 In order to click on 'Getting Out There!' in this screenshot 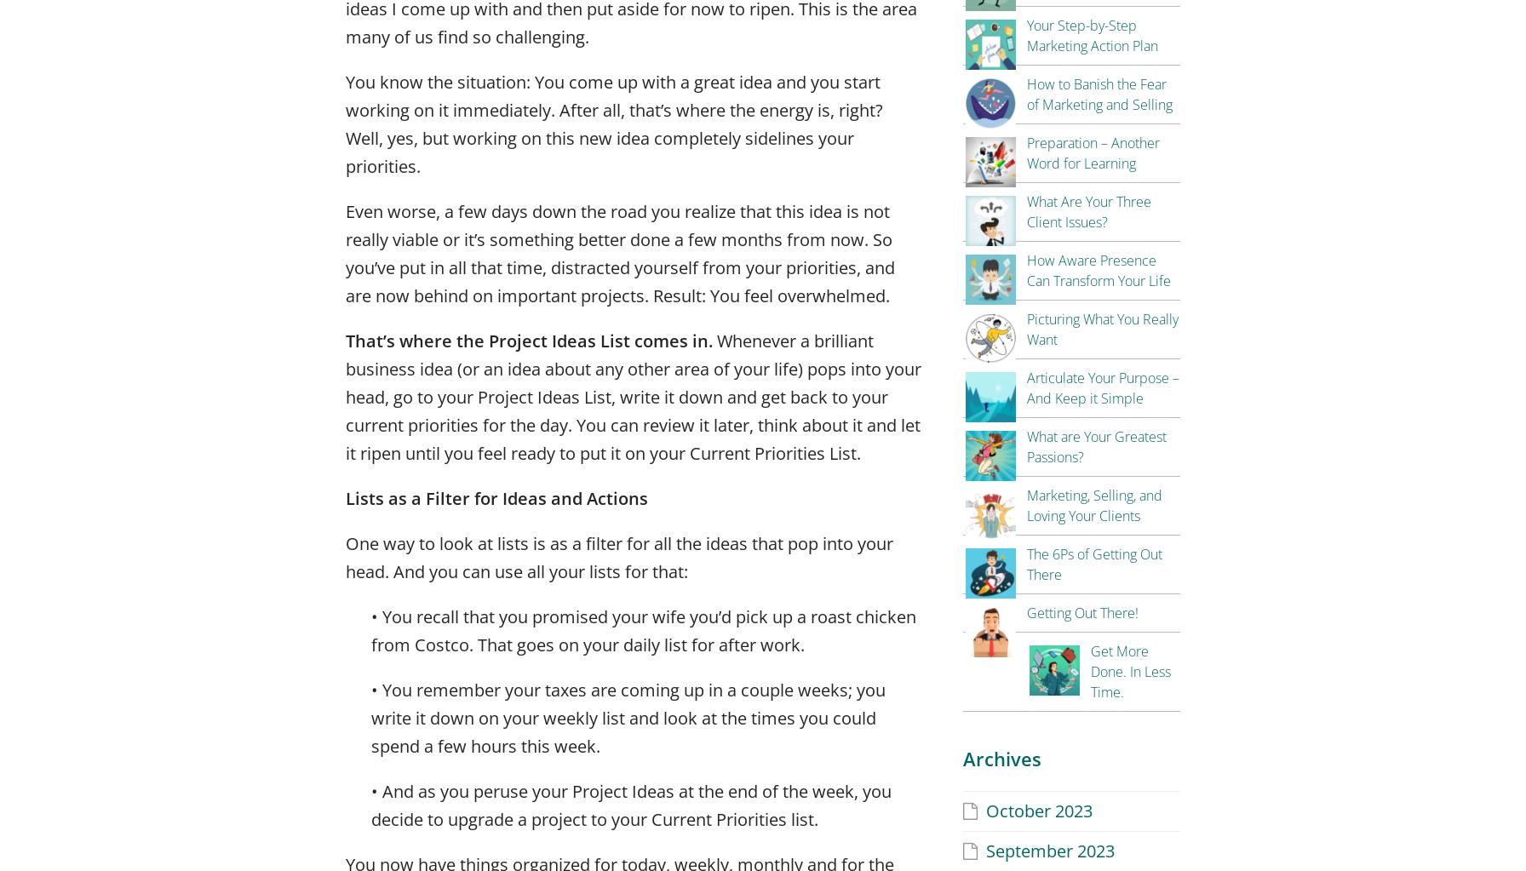, I will do `click(1082, 612)`.